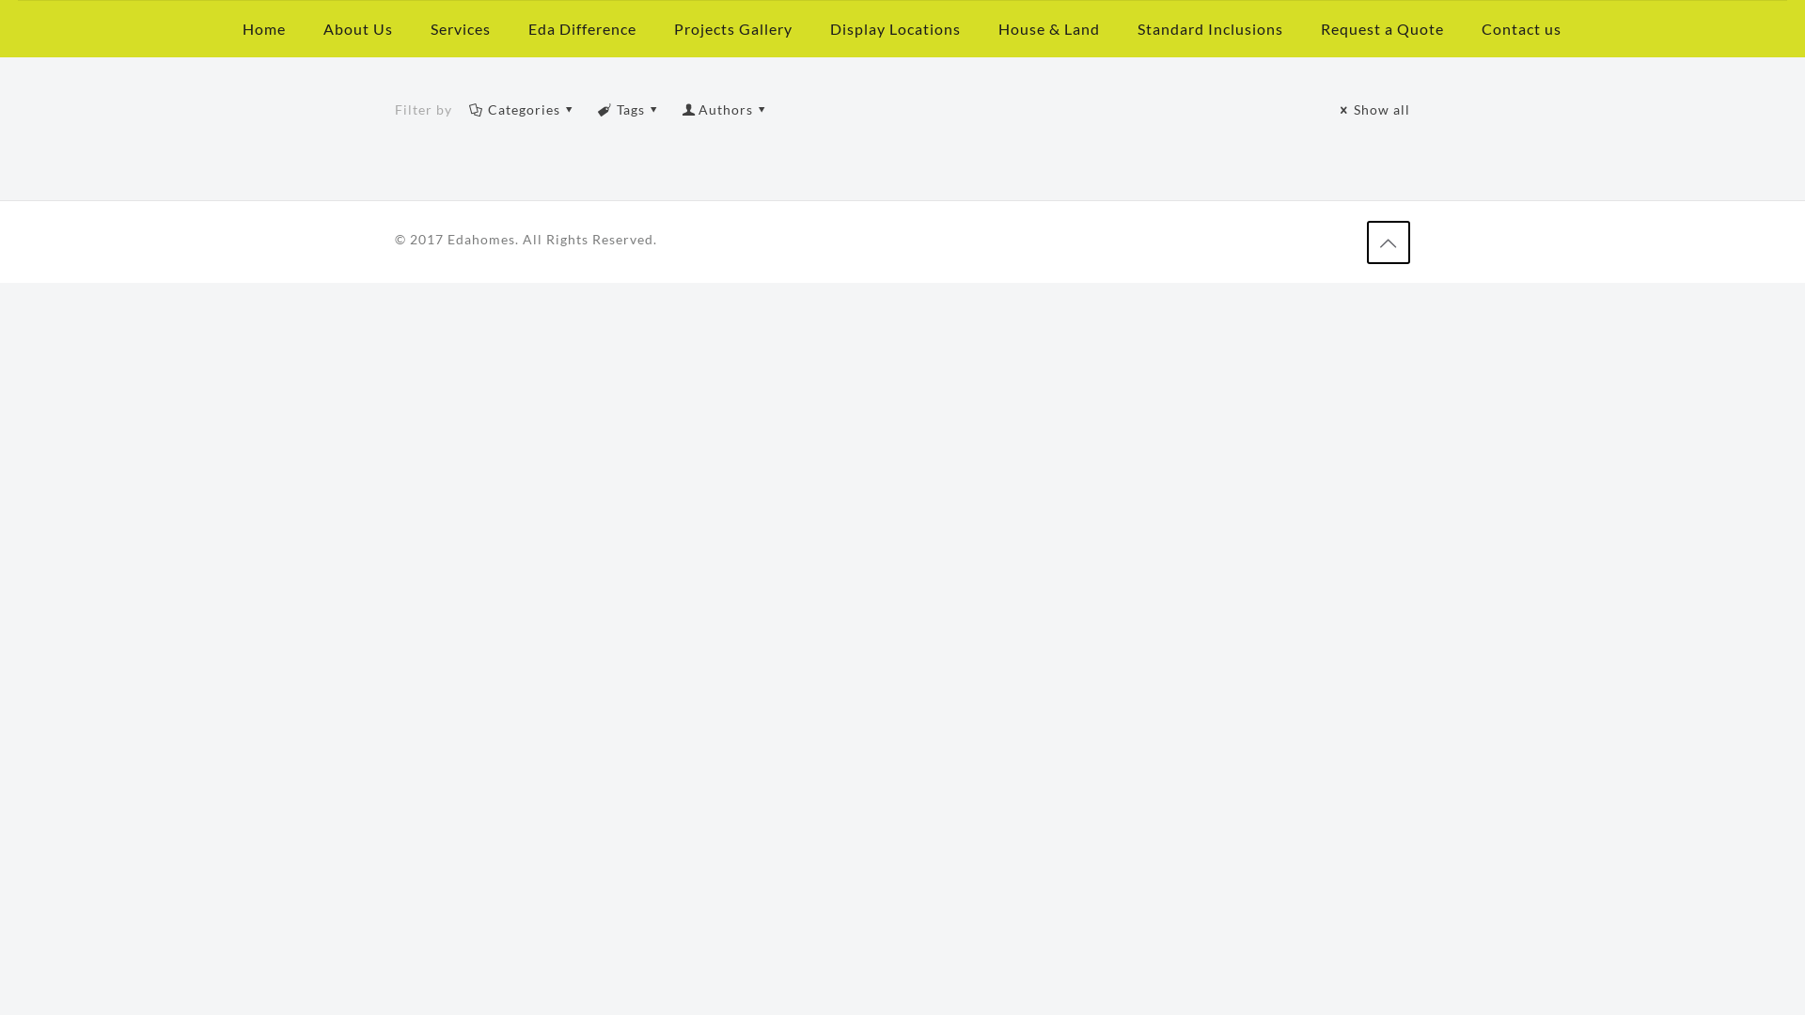 This screenshot has height=1015, width=1805. What do you see at coordinates (357, 28) in the screenshot?
I see `'About Us'` at bounding box center [357, 28].